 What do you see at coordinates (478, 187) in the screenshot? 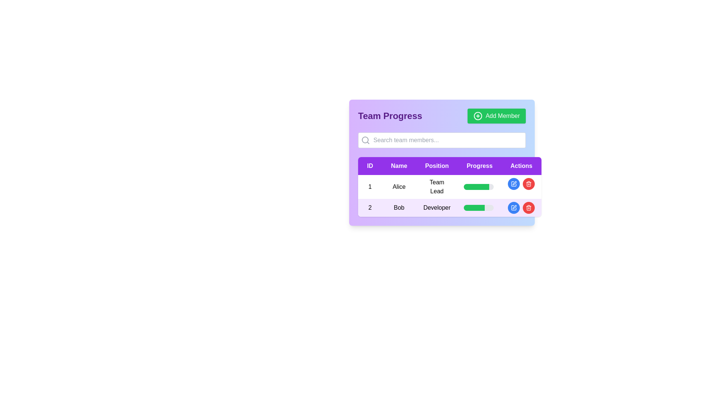
I see `the progress bar located in the first row of the table, which represents the completion of a task or progress of an objective, positioned between the 'Team Lead' text and action buttons` at bounding box center [478, 187].